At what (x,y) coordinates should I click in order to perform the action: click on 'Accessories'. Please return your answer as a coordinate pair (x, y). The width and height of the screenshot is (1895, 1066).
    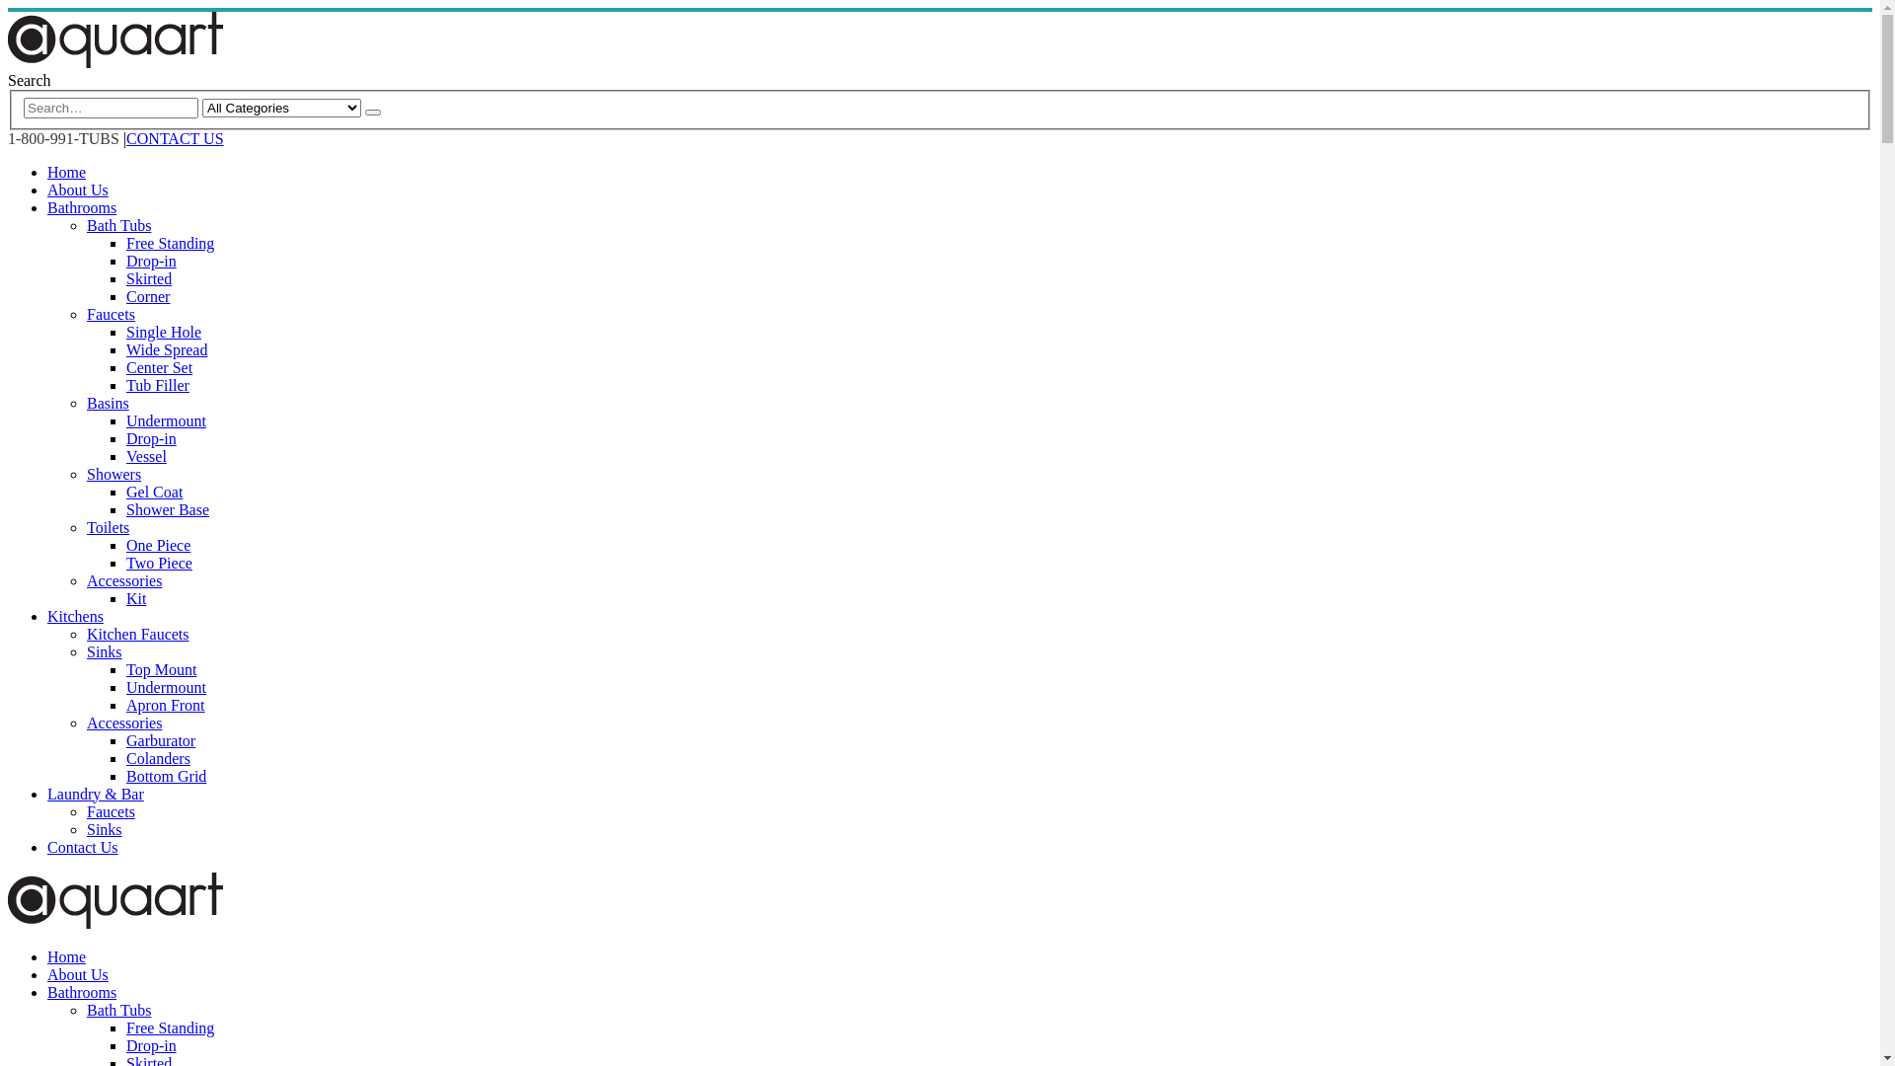
    Looking at the image, I should click on (122, 723).